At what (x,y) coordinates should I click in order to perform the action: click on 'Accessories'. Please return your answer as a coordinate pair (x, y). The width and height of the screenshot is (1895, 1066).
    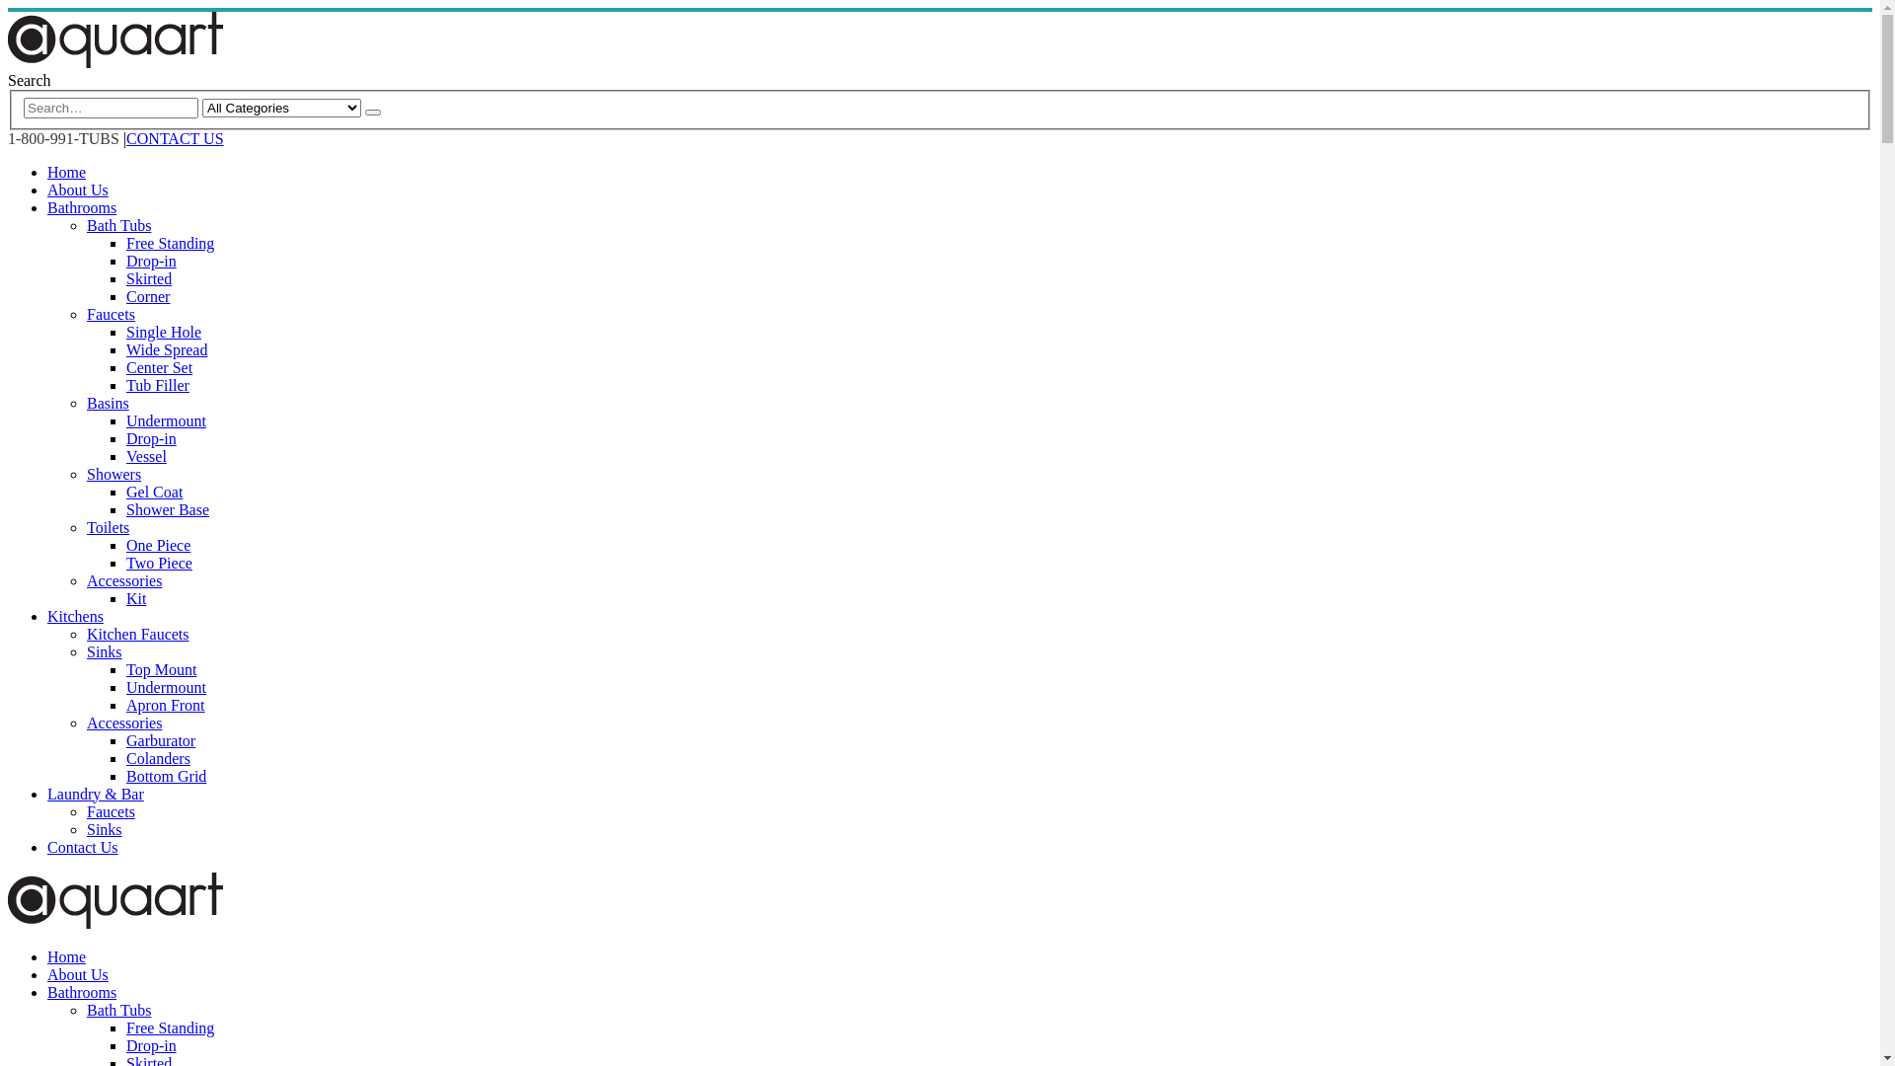
    Looking at the image, I should click on (122, 723).